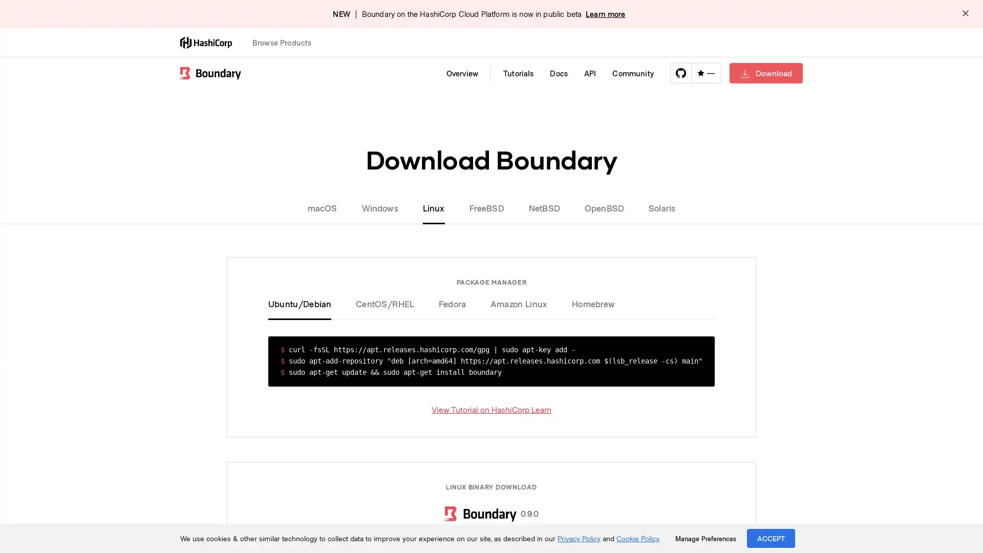 This screenshot has height=553, width=983. Describe the element at coordinates (519, 303) in the screenshot. I see `Amazon Linux` at that location.